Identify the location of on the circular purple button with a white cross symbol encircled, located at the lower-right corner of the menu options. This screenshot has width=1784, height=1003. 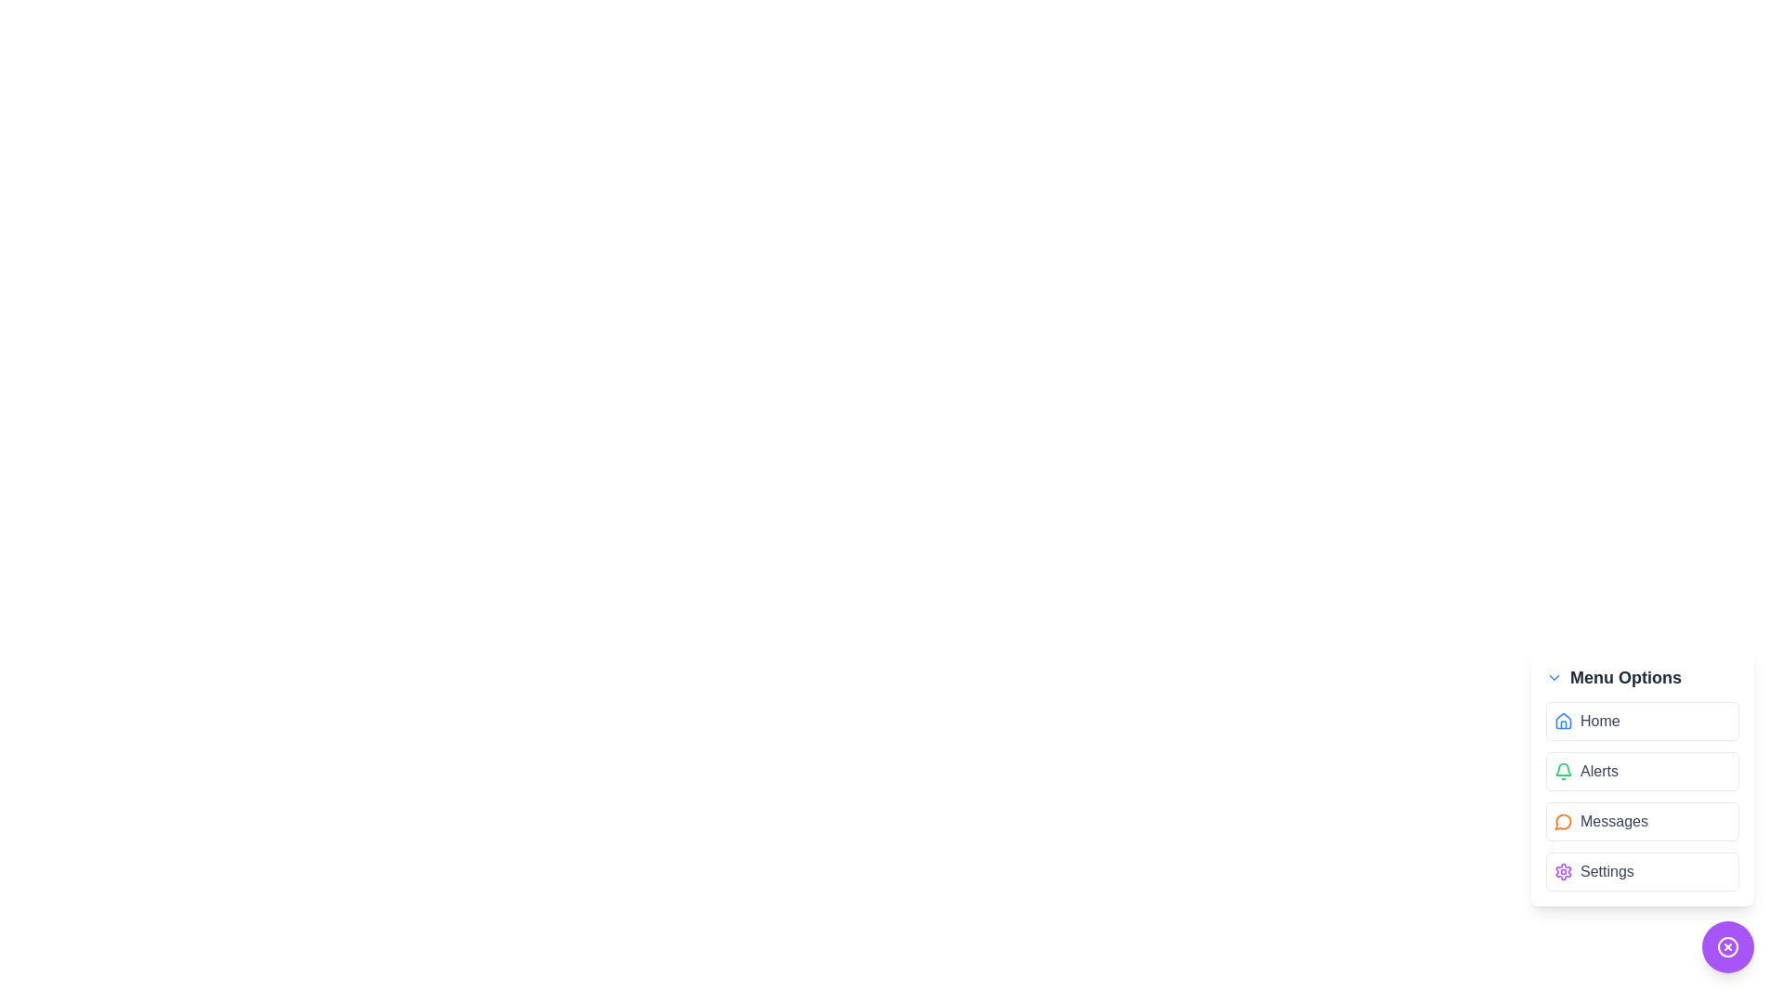
(1727, 946).